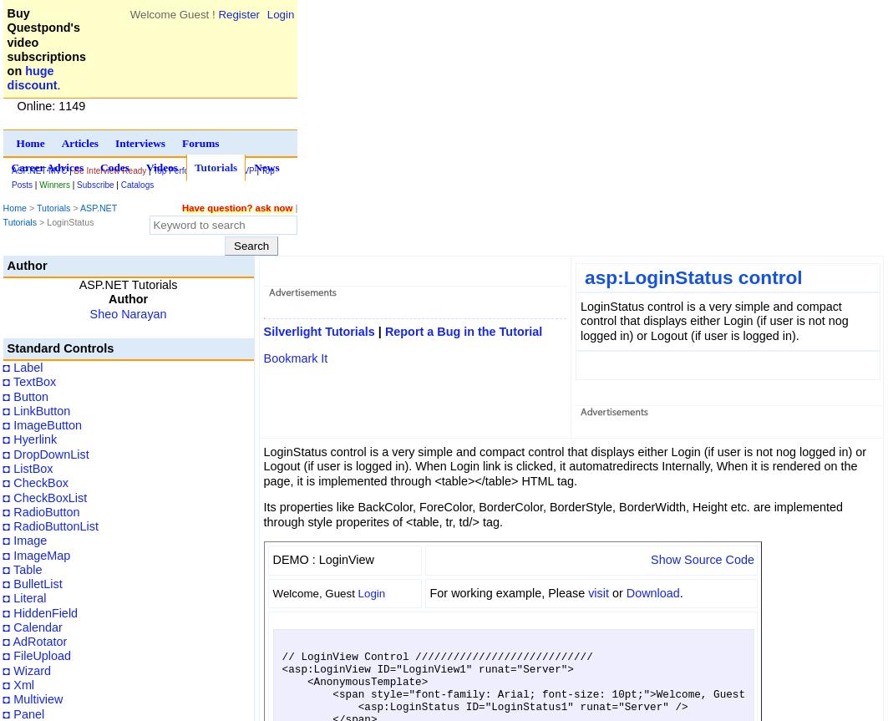 This screenshot has height=721, width=888. Describe the element at coordinates (462, 331) in the screenshot. I see `'Report a Bug in the
Tutorial'` at that location.